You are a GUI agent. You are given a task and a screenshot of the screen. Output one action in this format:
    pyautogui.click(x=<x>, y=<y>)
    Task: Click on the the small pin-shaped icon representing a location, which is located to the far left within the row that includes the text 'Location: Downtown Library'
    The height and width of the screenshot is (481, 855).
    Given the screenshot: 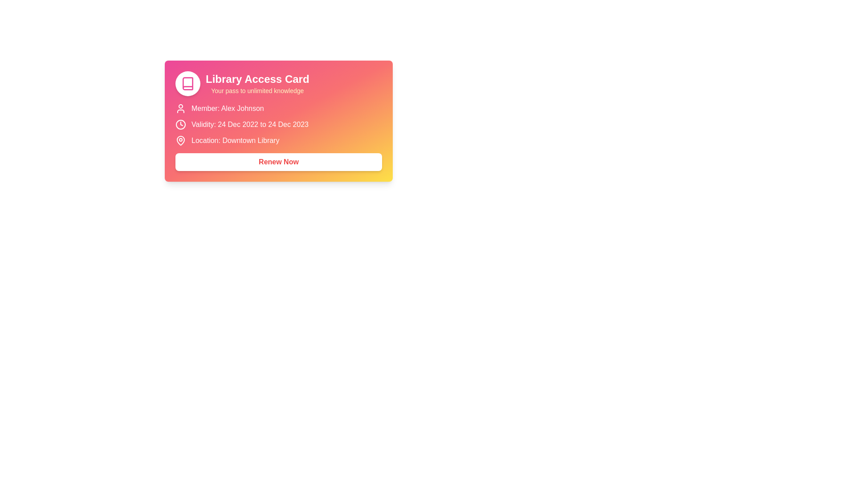 What is the action you would take?
    pyautogui.click(x=180, y=140)
    